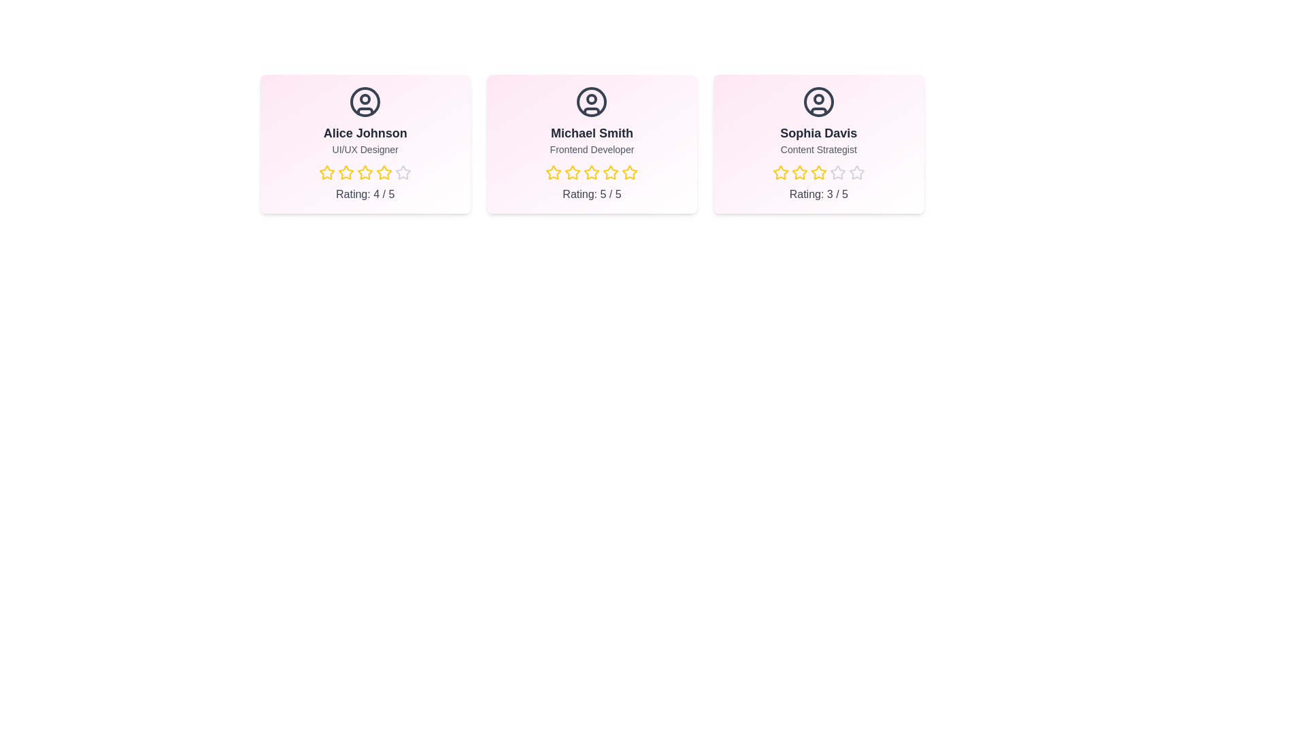  Describe the element at coordinates (346, 172) in the screenshot. I see `the star corresponding to 2 stars for the team member Alice Johnson` at that location.